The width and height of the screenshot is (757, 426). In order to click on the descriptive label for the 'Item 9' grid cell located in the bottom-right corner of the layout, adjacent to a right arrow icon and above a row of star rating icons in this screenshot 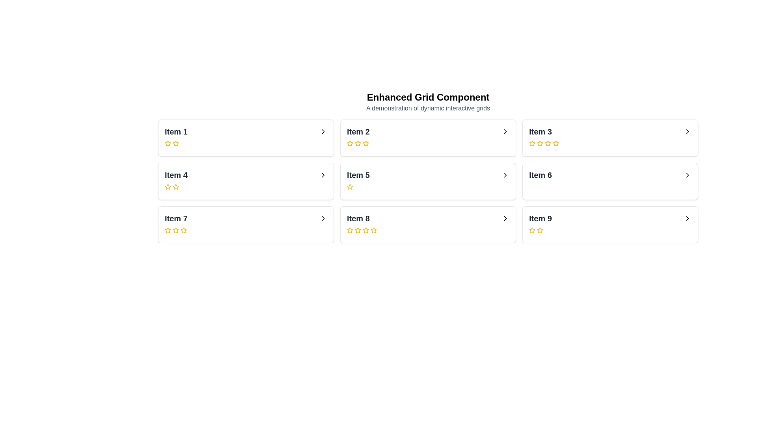, I will do `click(540, 219)`.